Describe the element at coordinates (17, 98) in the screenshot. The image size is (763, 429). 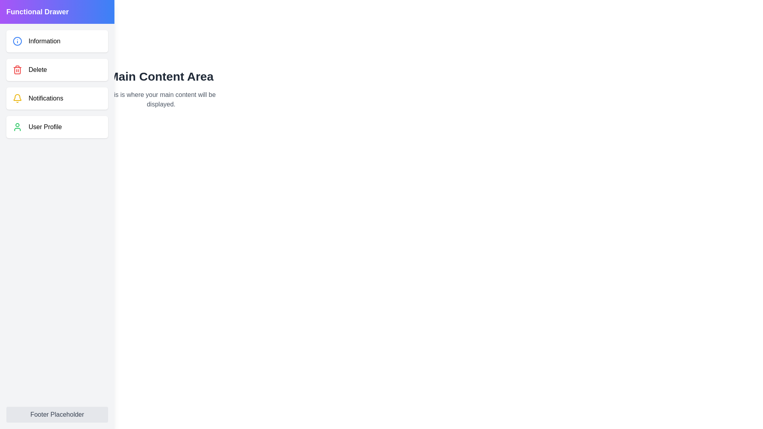
I see `the yellow bell-shaped notification icon located to the left within the 'Notifications' menu card, which is the third option in the vertical list of cards` at that location.